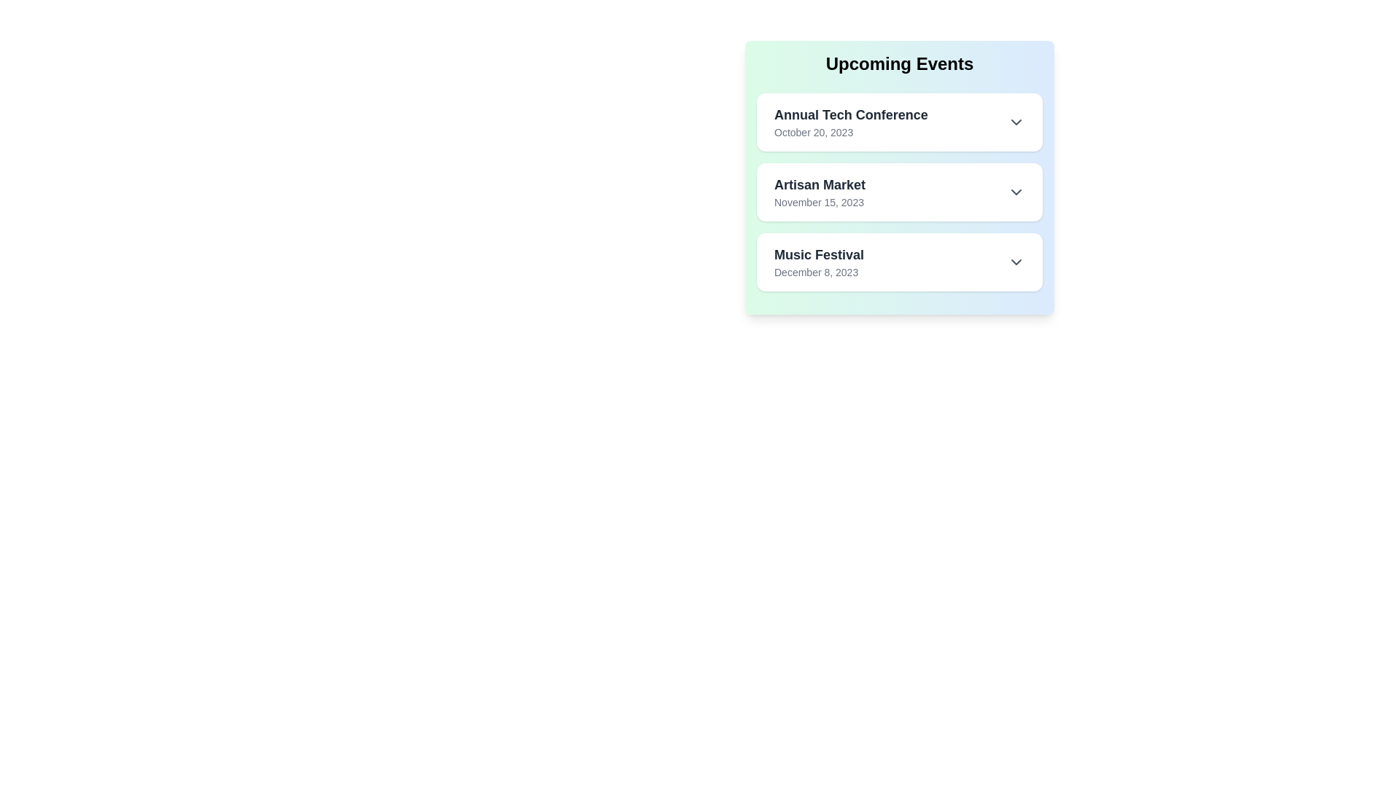 Image resolution: width=1400 pixels, height=787 pixels. What do you see at coordinates (898, 191) in the screenshot?
I see `the 'Artisan Market' list item` at bounding box center [898, 191].